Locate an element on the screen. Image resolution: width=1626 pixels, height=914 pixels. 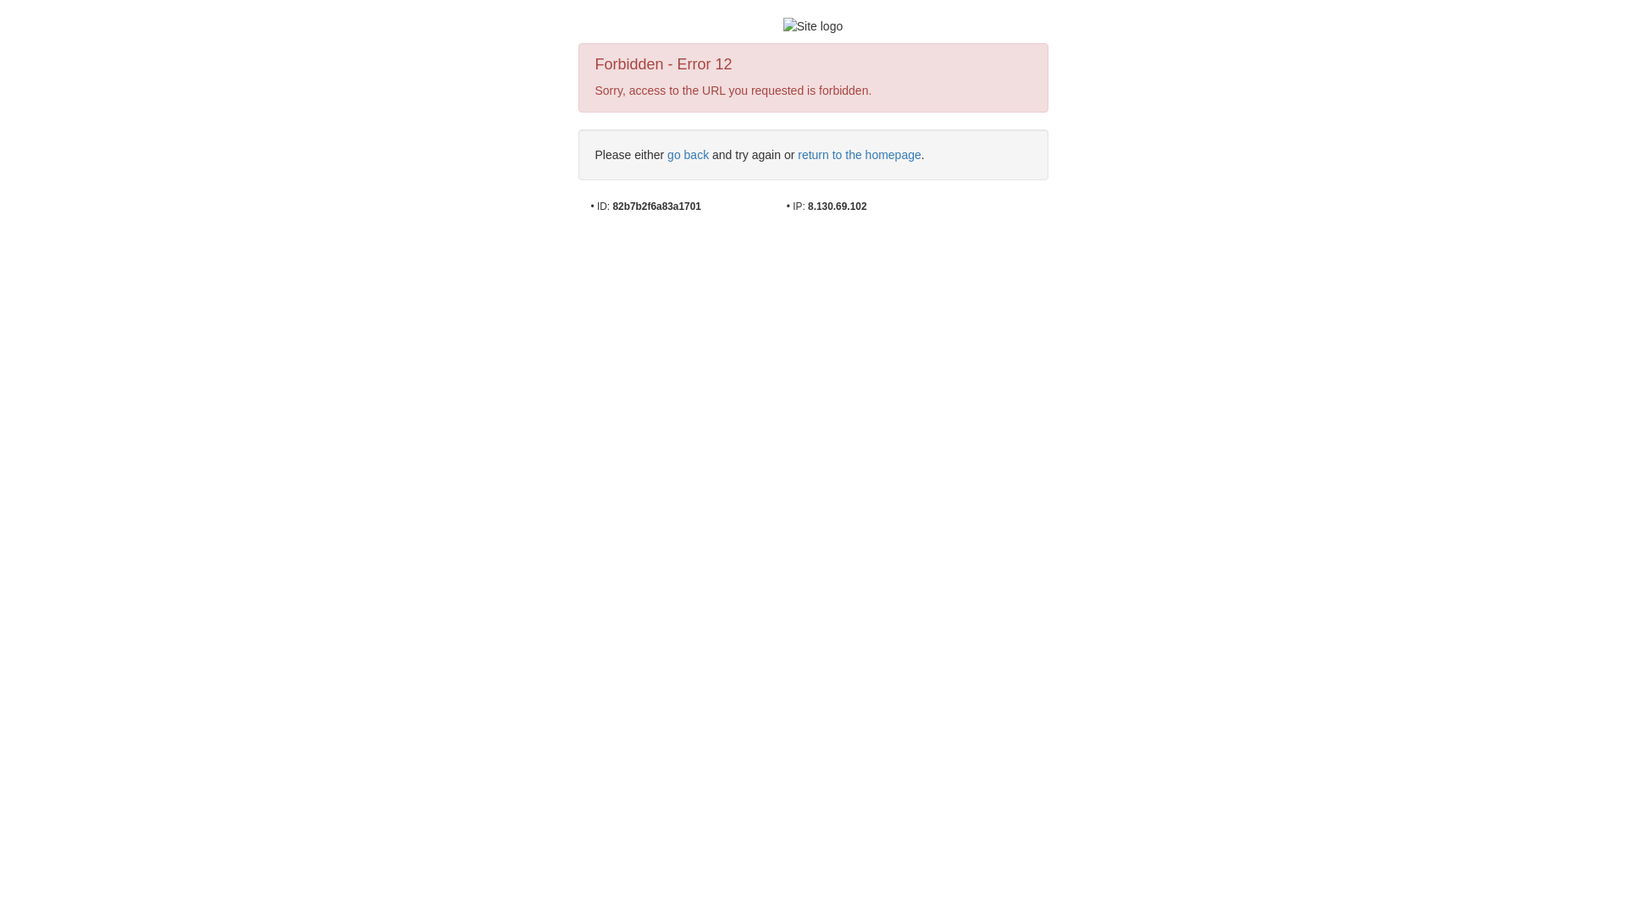
'return to the homepage' is located at coordinates (859, 154).